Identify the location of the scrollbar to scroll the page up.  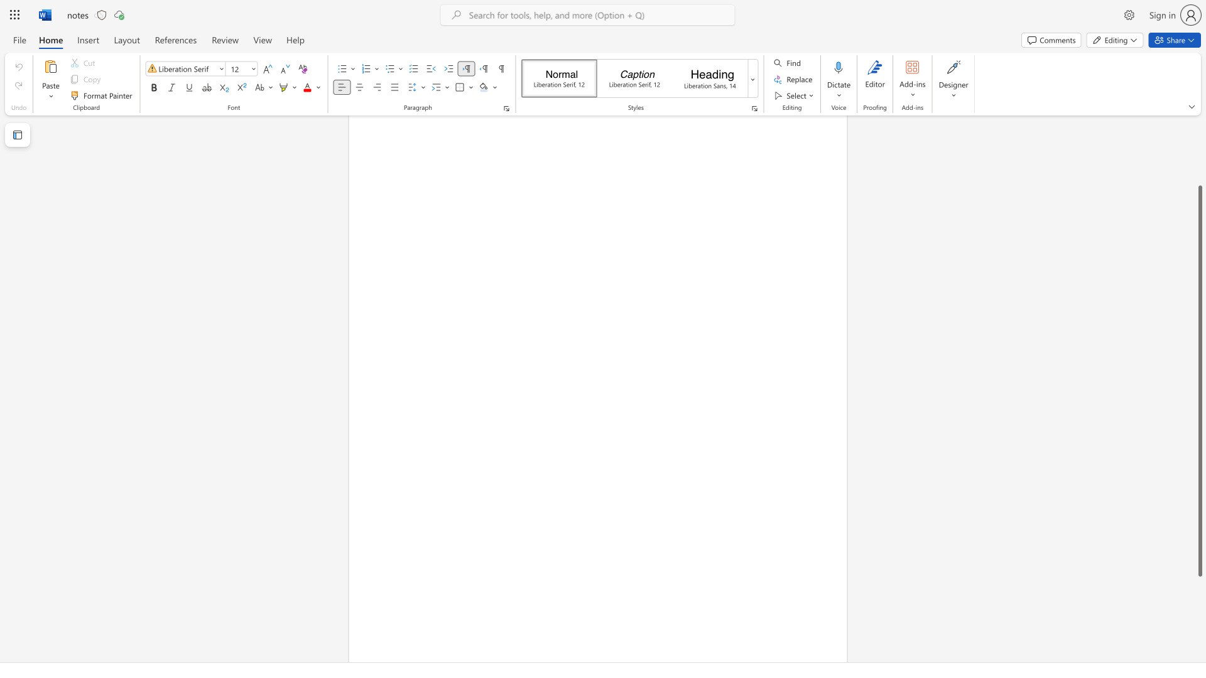
(1199, 149).